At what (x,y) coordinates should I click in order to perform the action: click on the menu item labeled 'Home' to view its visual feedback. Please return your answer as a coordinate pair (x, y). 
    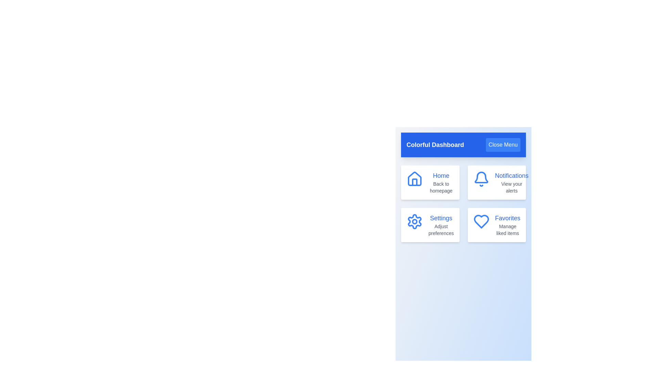
    Looking at the image, I should click on (430, 182).